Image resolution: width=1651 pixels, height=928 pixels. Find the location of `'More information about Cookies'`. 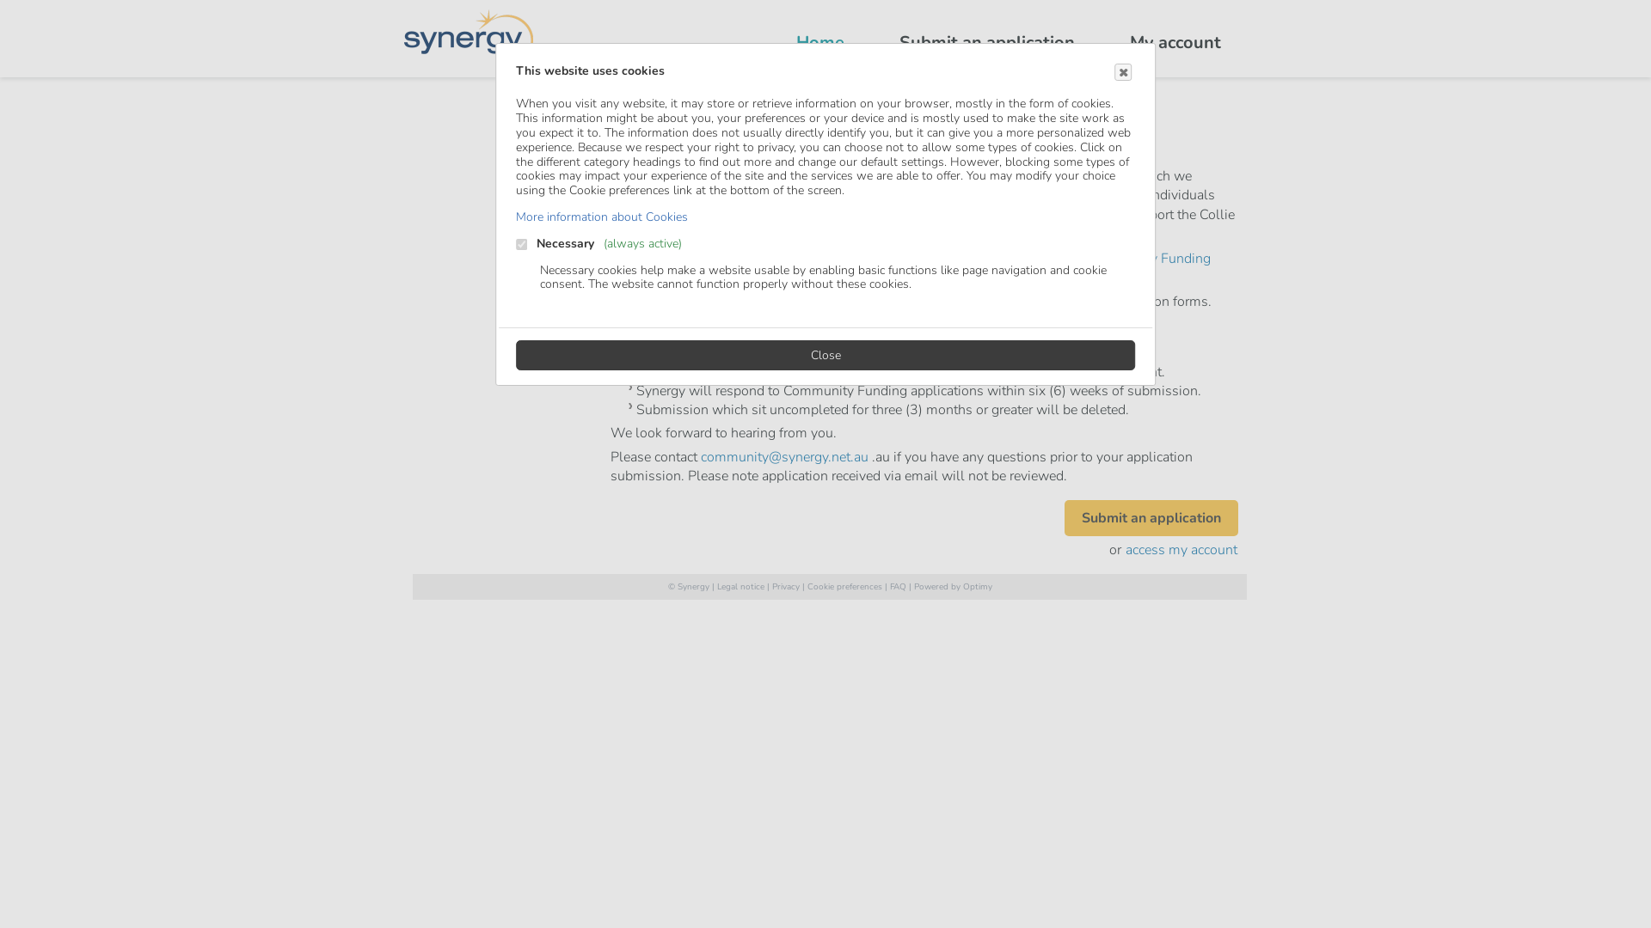

'More information about Cookies' is located at coordinates (602, 216).